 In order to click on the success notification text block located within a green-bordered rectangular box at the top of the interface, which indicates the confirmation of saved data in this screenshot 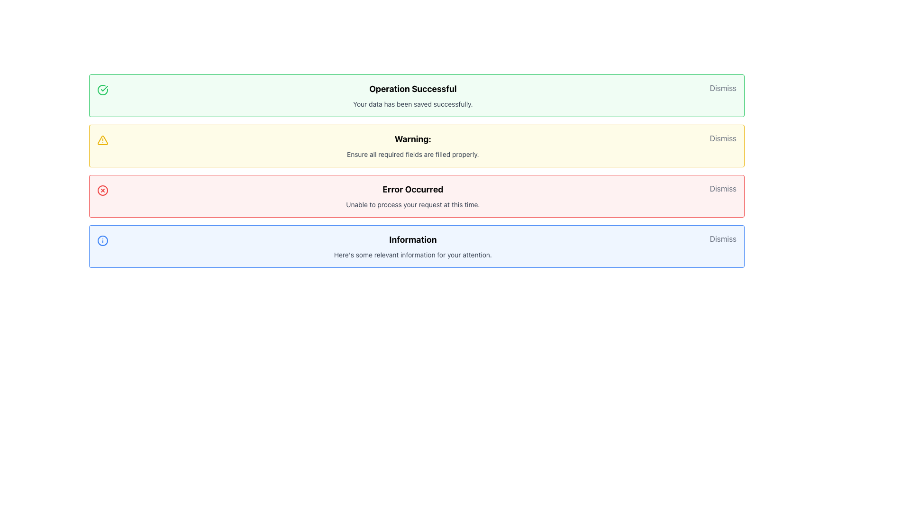, I will do `click(413, 95)`.